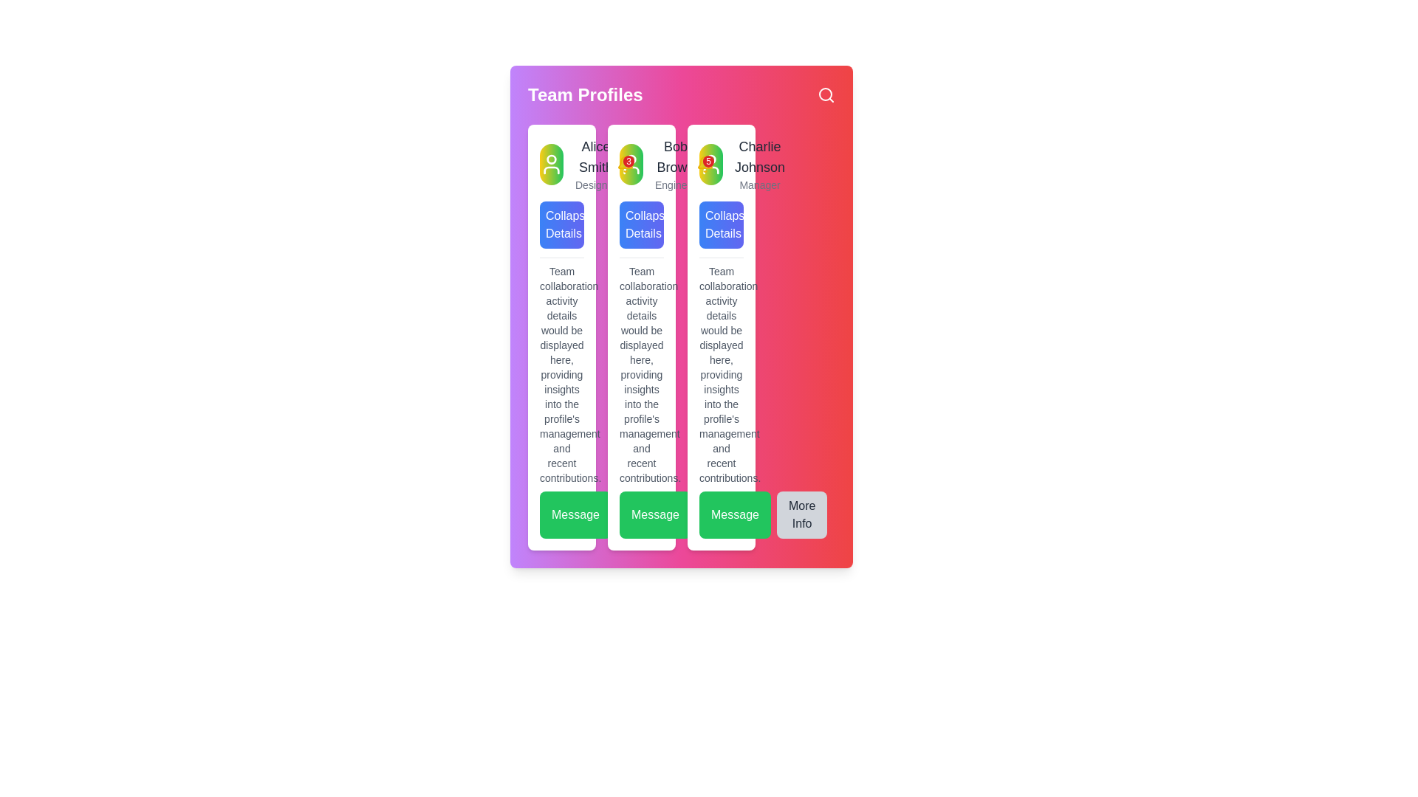 This screenshot has height=797, width=1418. I want to click on the Avatar located in the first profile card of the Team Profiles section, positioned above the name 'Alice Smith' and the title 'Designer', so click(551, 165).